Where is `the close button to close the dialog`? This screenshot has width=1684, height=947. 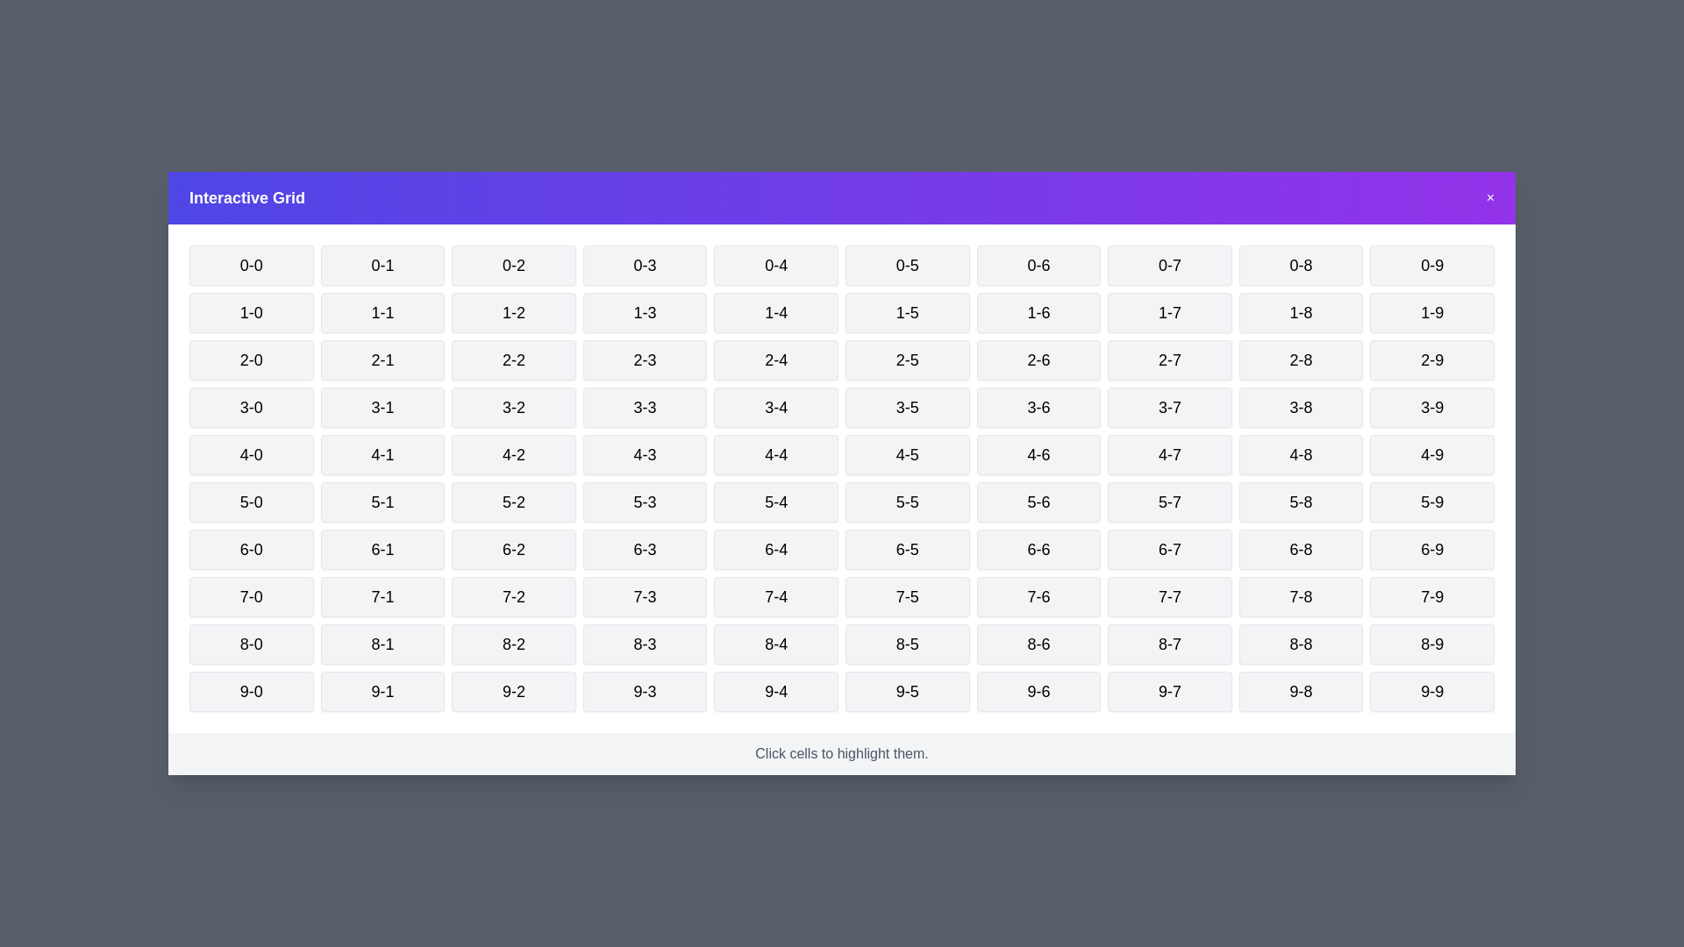 the close button to close the dialog is located at coordinates (1489, 197).